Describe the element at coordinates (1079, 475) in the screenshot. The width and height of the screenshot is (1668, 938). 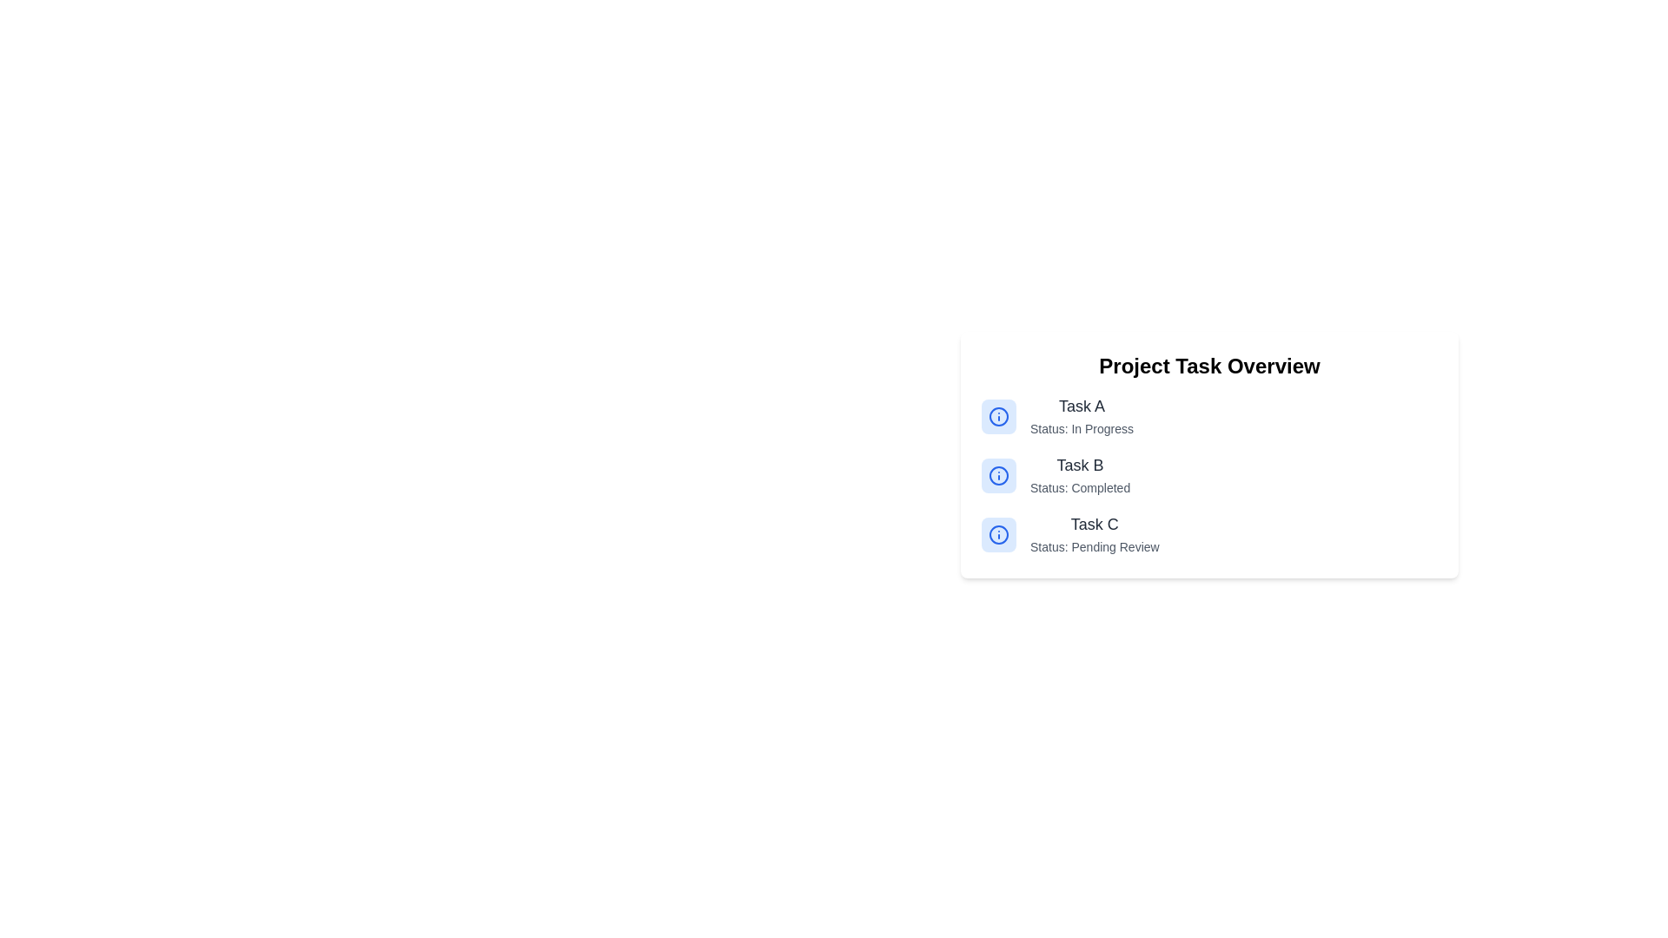
I see `task name 'Task B' which is styled hierarchically and is located between 'Task A' and 'Task C'` at that location.